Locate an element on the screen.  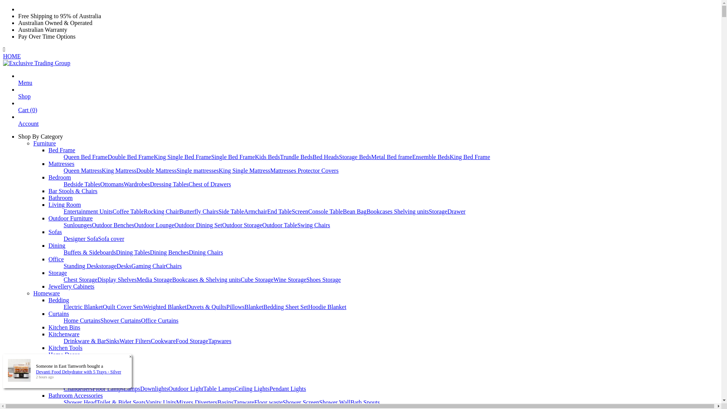
'Table Lamps' is located at coordinates (218, 389).